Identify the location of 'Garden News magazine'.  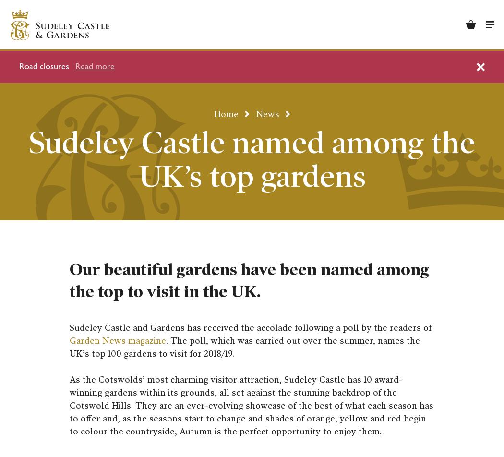
(118, 341).